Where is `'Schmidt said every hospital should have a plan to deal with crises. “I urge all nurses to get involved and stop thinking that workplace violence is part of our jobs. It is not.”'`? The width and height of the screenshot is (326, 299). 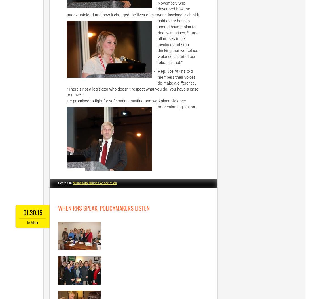
'Schmidt said every hospital should have a plan to deal with crises. “I urge all nurses to get involved and stop thinking that workplace violence is part of our jobs. It is not.”' is located at coordinates (178, 38).